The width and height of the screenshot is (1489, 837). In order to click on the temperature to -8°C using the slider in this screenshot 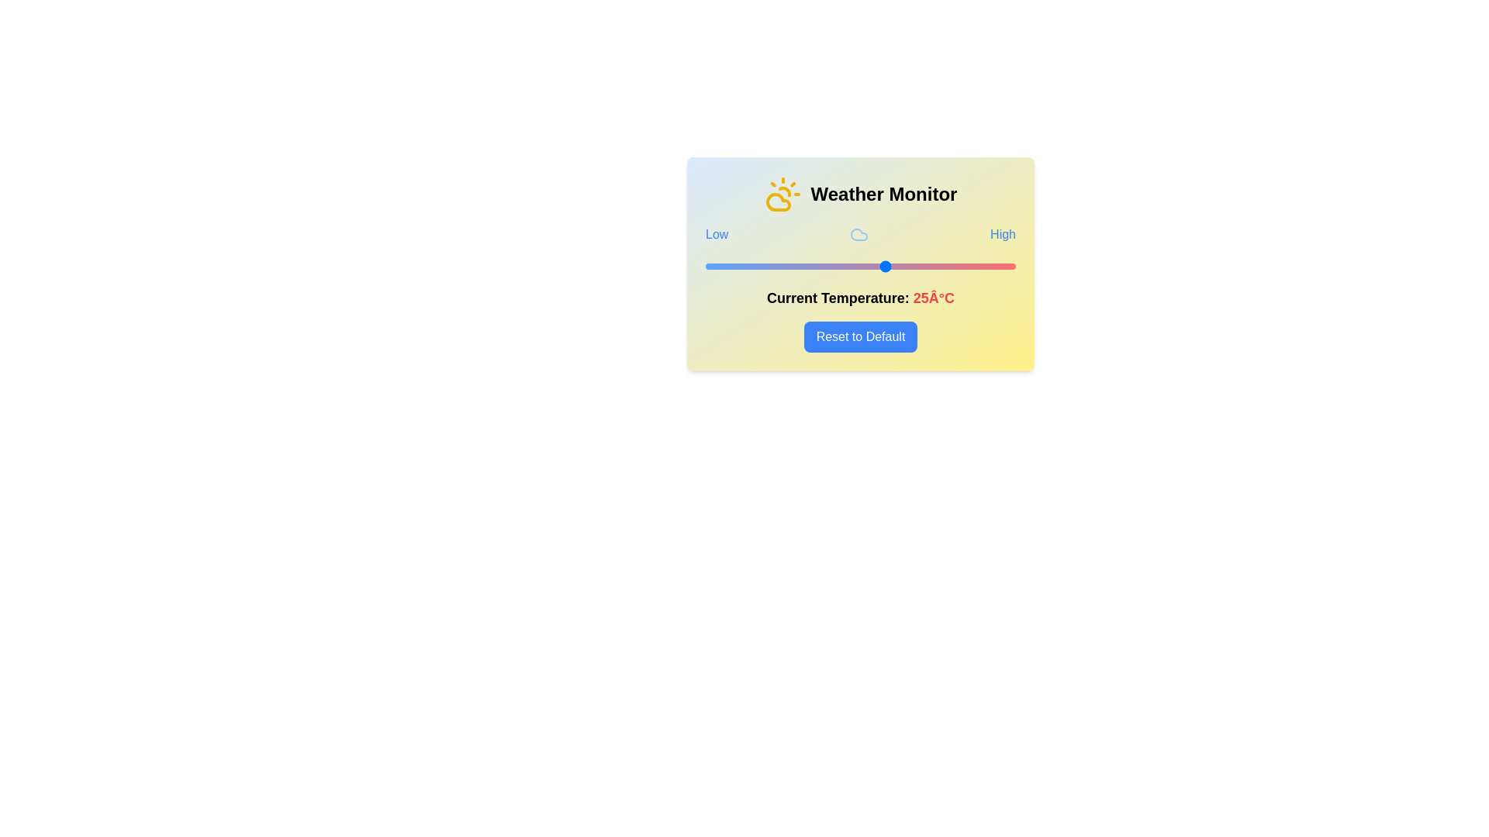, I will do `click(715, 265)`.